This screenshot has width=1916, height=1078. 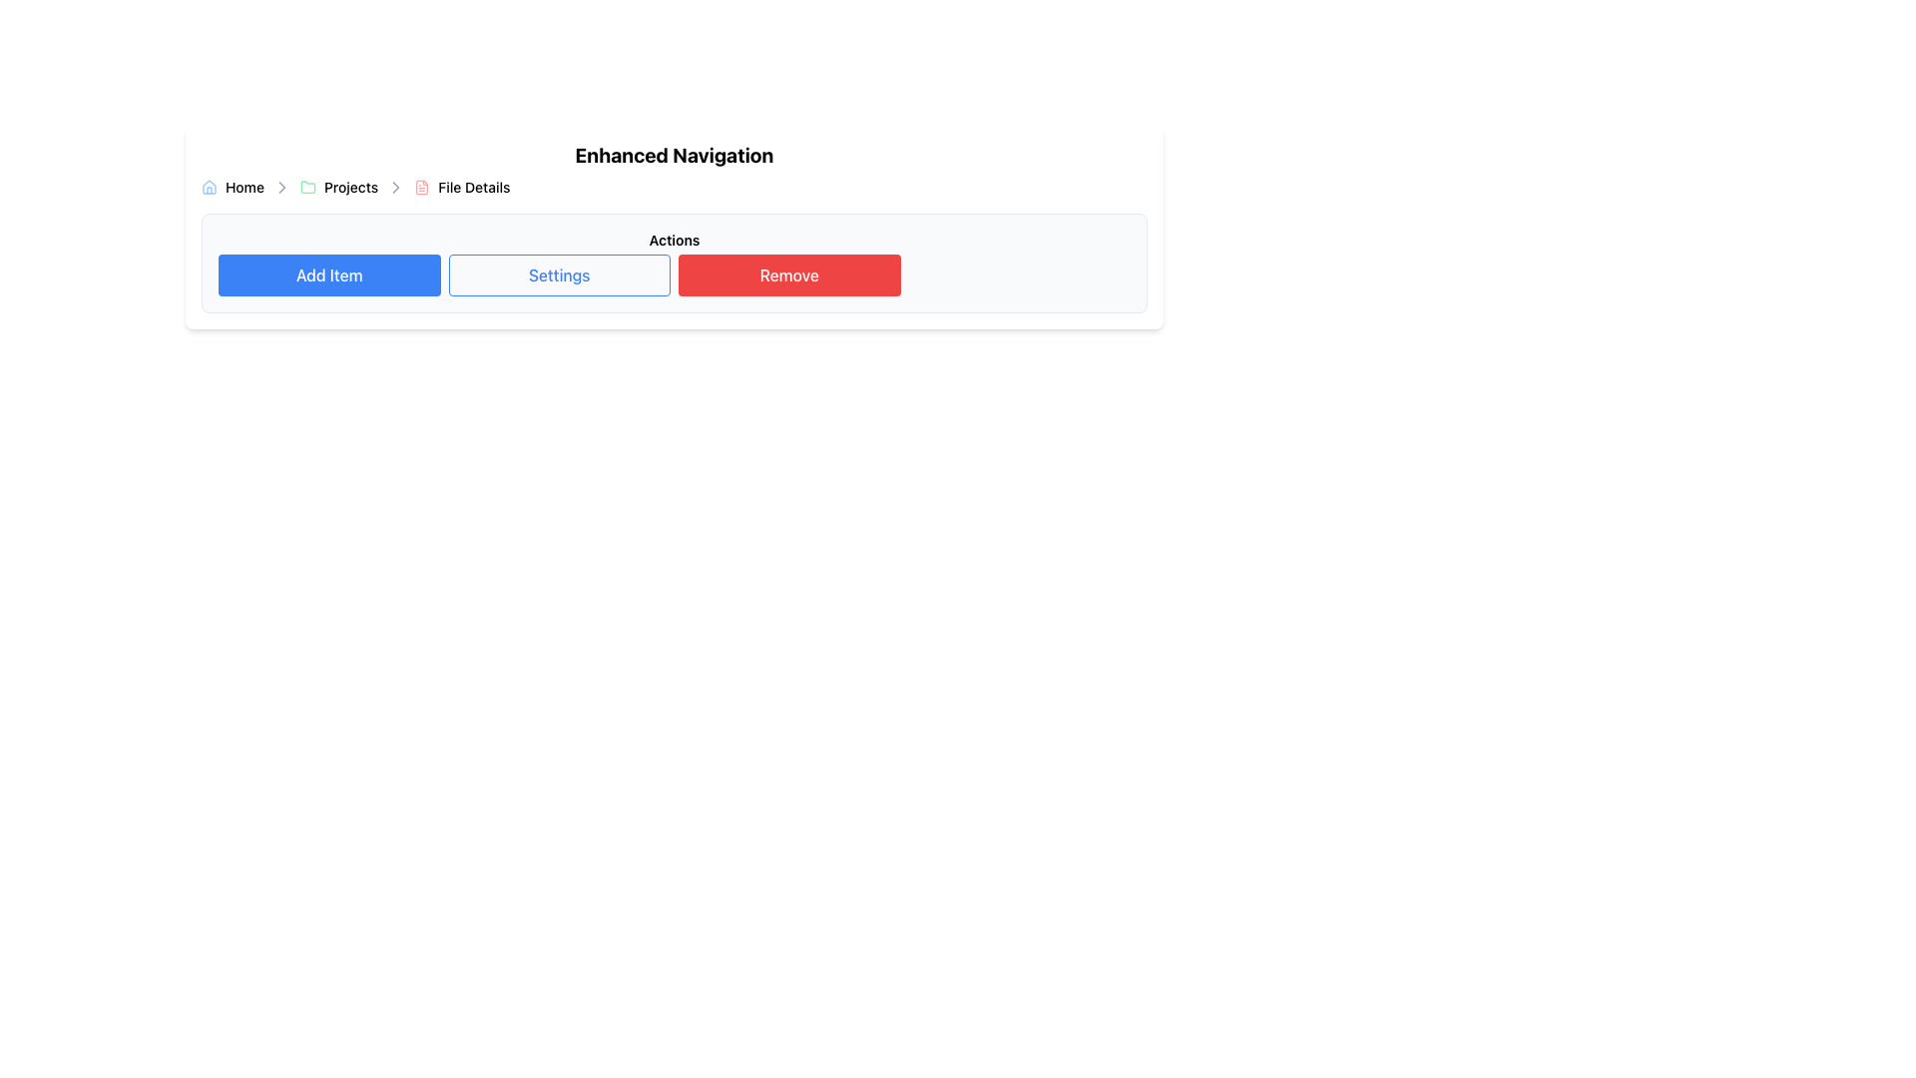 I want to click on the chevron icon in the breadcrumb navigation bar, which is located between the 'Home' and 'Projects' labels, indicating a hierarchical structure, so click(x=396, y=188).